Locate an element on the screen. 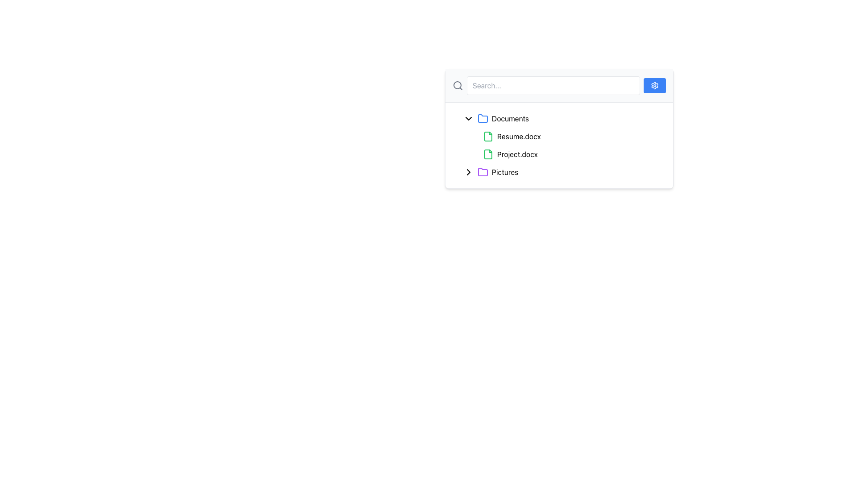  the file icon representing 'Project.docx' is located at coordinates (488, 154).